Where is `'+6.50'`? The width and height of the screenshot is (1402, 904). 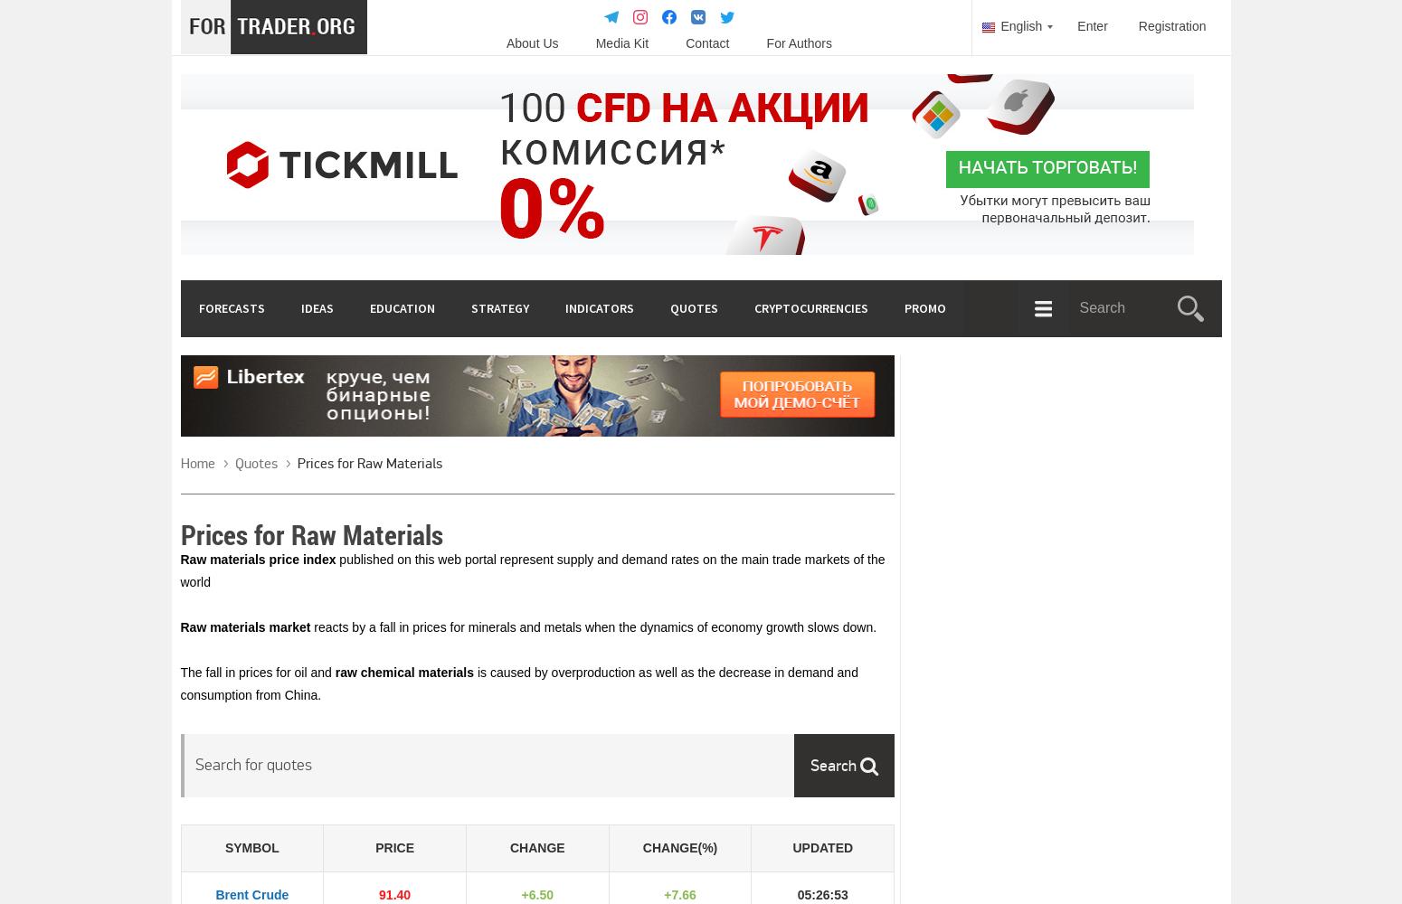 '+6.50' is located at coordinates (536, 894).